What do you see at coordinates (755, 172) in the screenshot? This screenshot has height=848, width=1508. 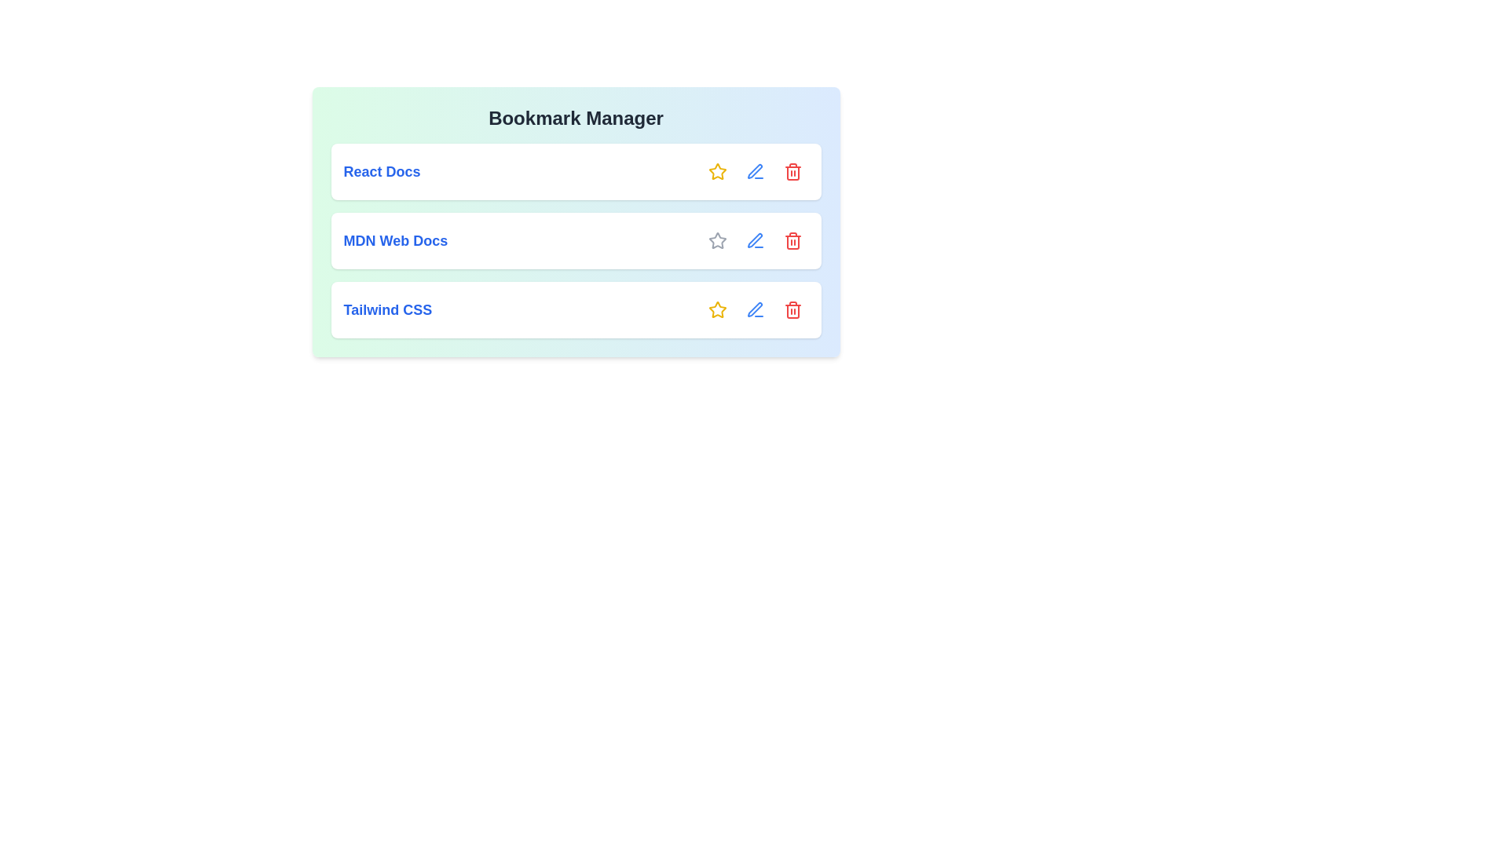 I see `the interactive element React Docs Edit to reveal its hover state` at bounding box center [755, 172].